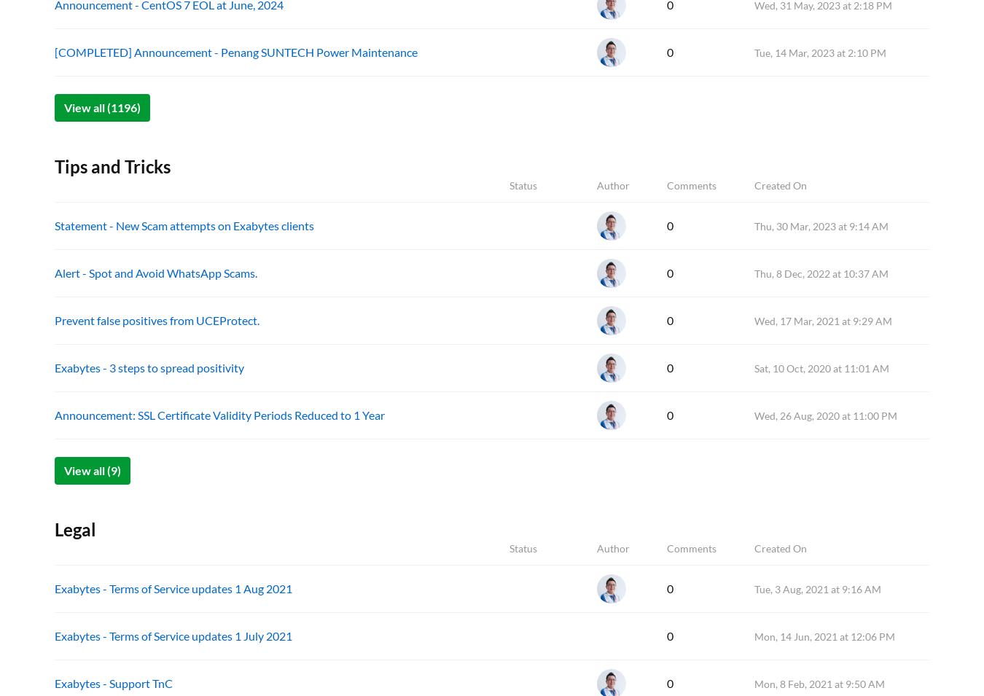 This screenshot has width=984, height=696. I want to click on 'View all (9)', so click(93, 469).